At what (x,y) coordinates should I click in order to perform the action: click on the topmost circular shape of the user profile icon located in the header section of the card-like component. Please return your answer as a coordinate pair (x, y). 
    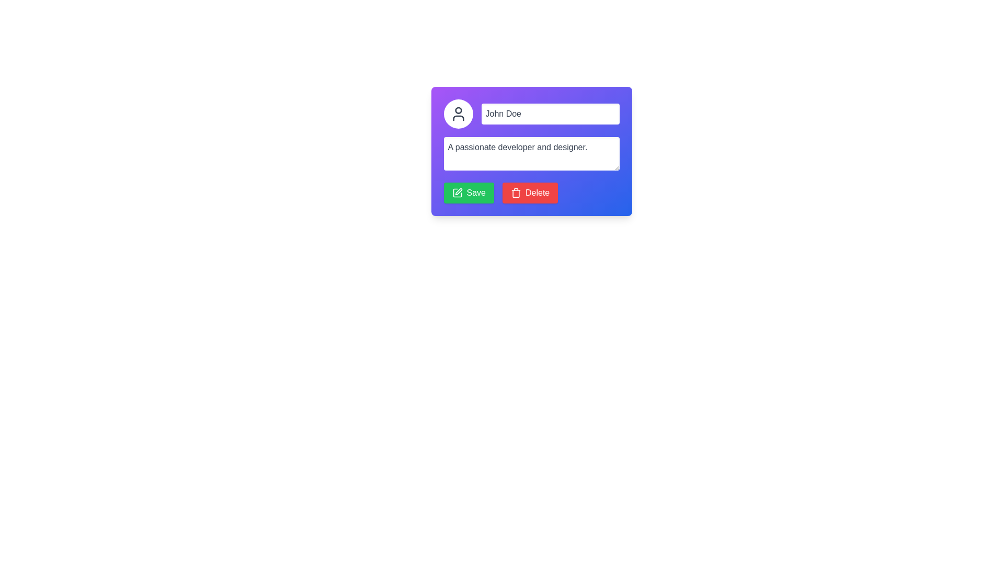
    Looking at the image, I should click on (458, 110).